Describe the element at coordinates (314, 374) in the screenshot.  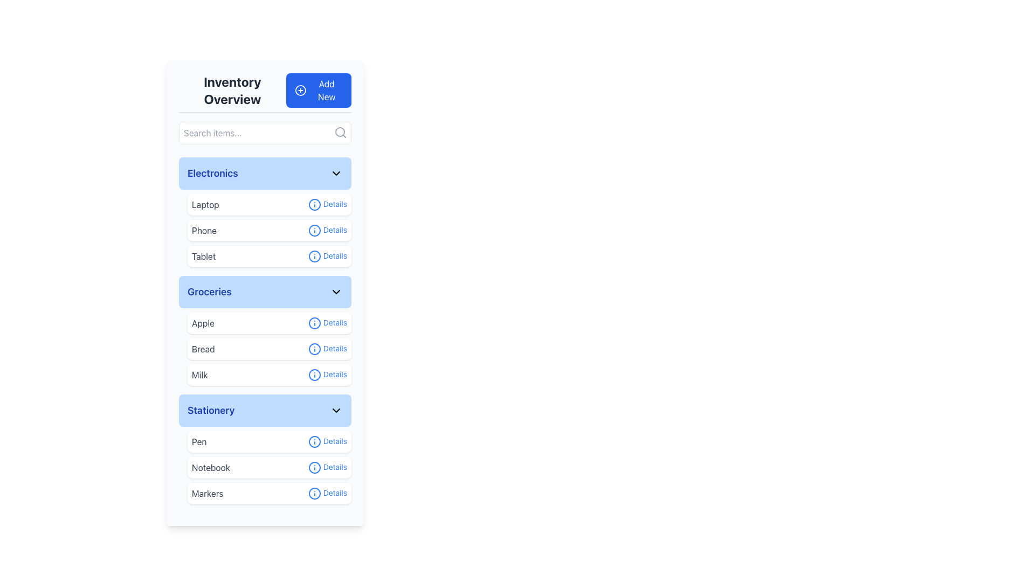
I see `the circular blue outlined icon resembling an information symbol located in the 'Groceries' section next to the 'Details' text label aligned with the 'Milk' item entry` at that location.